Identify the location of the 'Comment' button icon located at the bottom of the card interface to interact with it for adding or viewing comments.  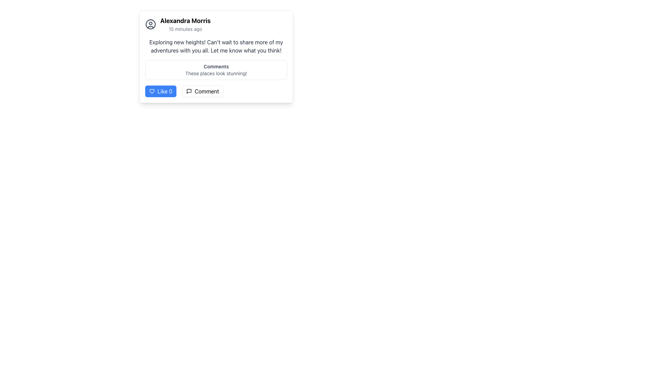
(189, 91).